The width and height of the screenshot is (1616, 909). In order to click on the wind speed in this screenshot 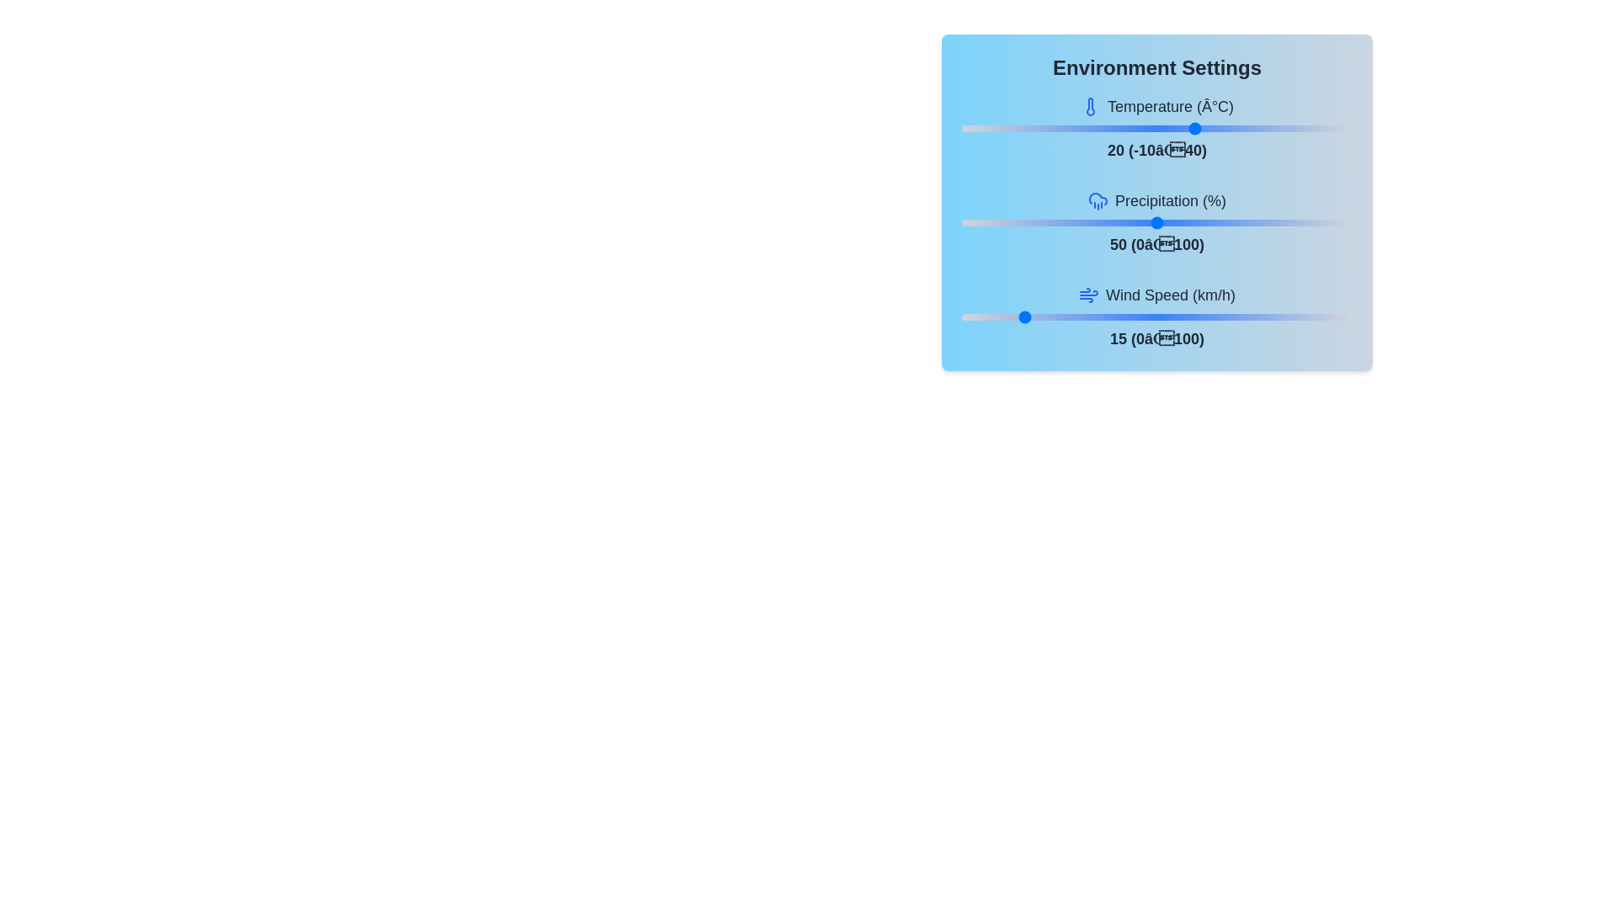, I will do `click(965, 317)`.